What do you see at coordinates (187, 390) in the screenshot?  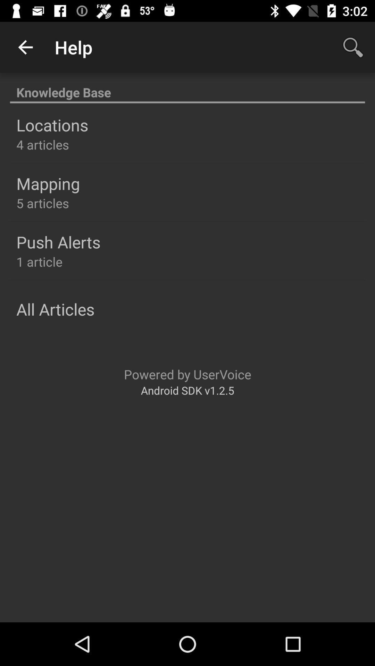 I see `the android sdk v1 item` at bounding box center [187, 390].